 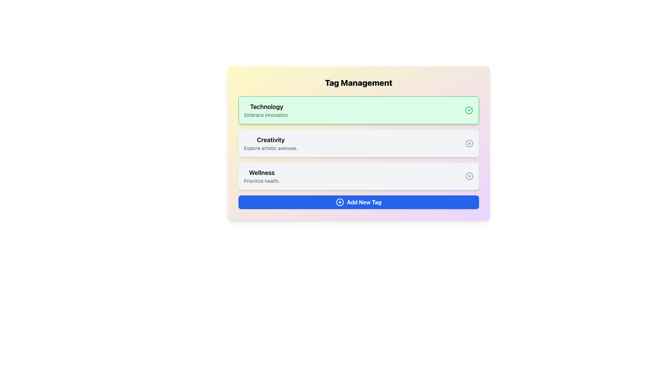 I want to click on the cancel button located on the rightmost side of the 'Creativity' section, which allows the user to dismiss or remove the associated item, so click(x=469, y=143).